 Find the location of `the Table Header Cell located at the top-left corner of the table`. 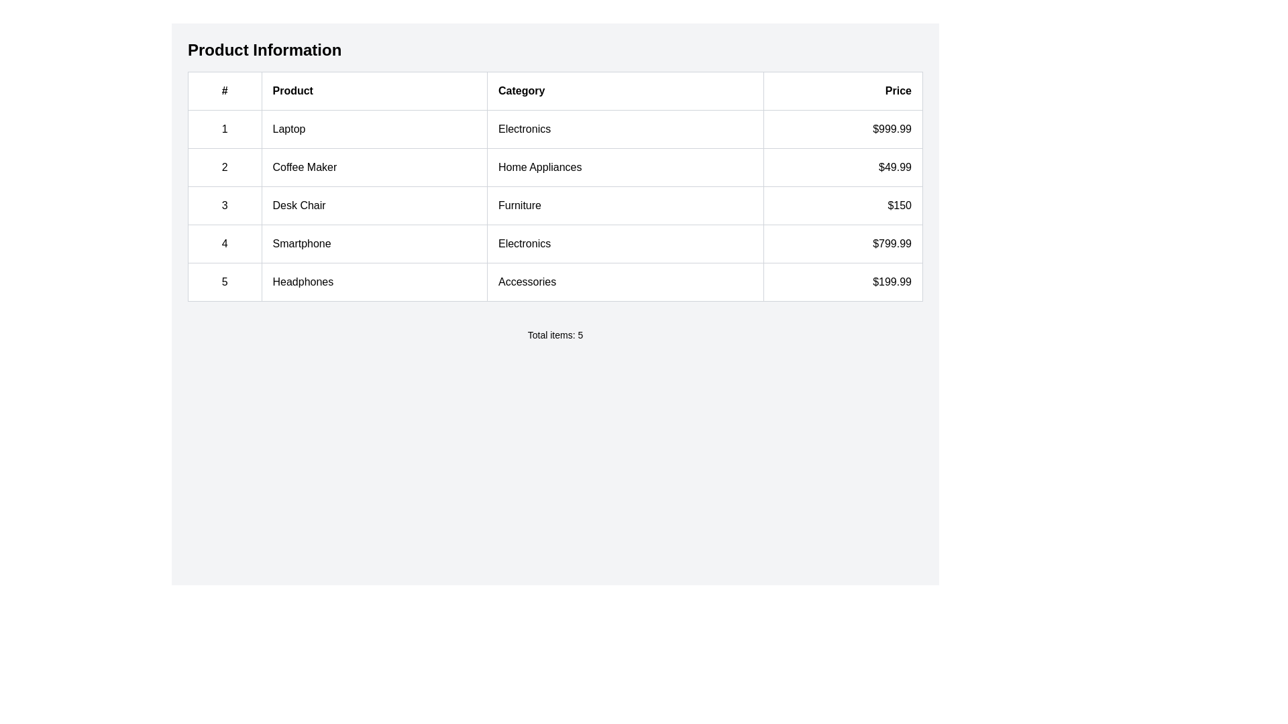

the Table Header Cell located at the top-left corner of the table is located at coordinates (225, 90).